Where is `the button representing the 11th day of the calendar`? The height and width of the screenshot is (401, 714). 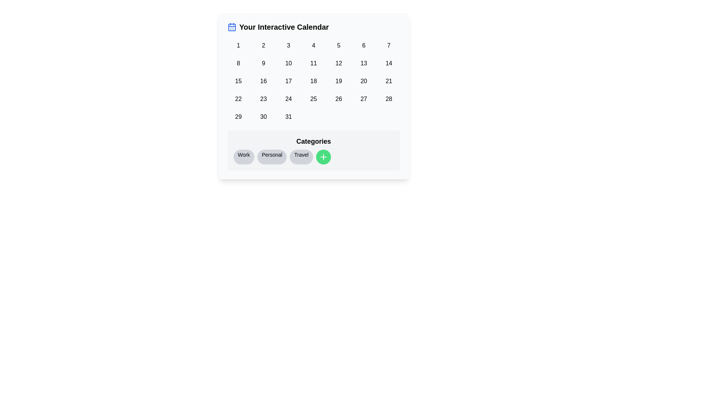
the button representing the 11th day of the calendar is located at coordinates (313, 63).